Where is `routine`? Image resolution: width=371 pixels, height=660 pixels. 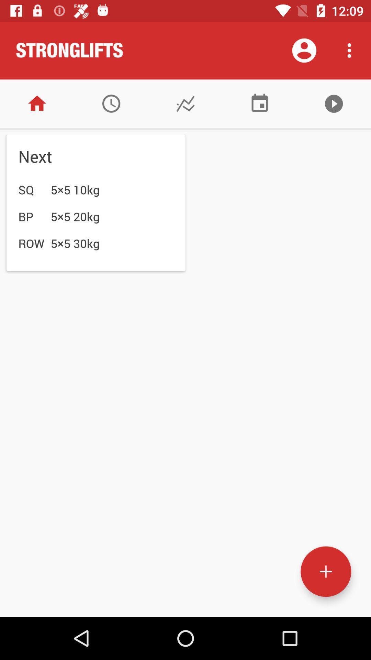 routine is located at coordinates (325, 571).